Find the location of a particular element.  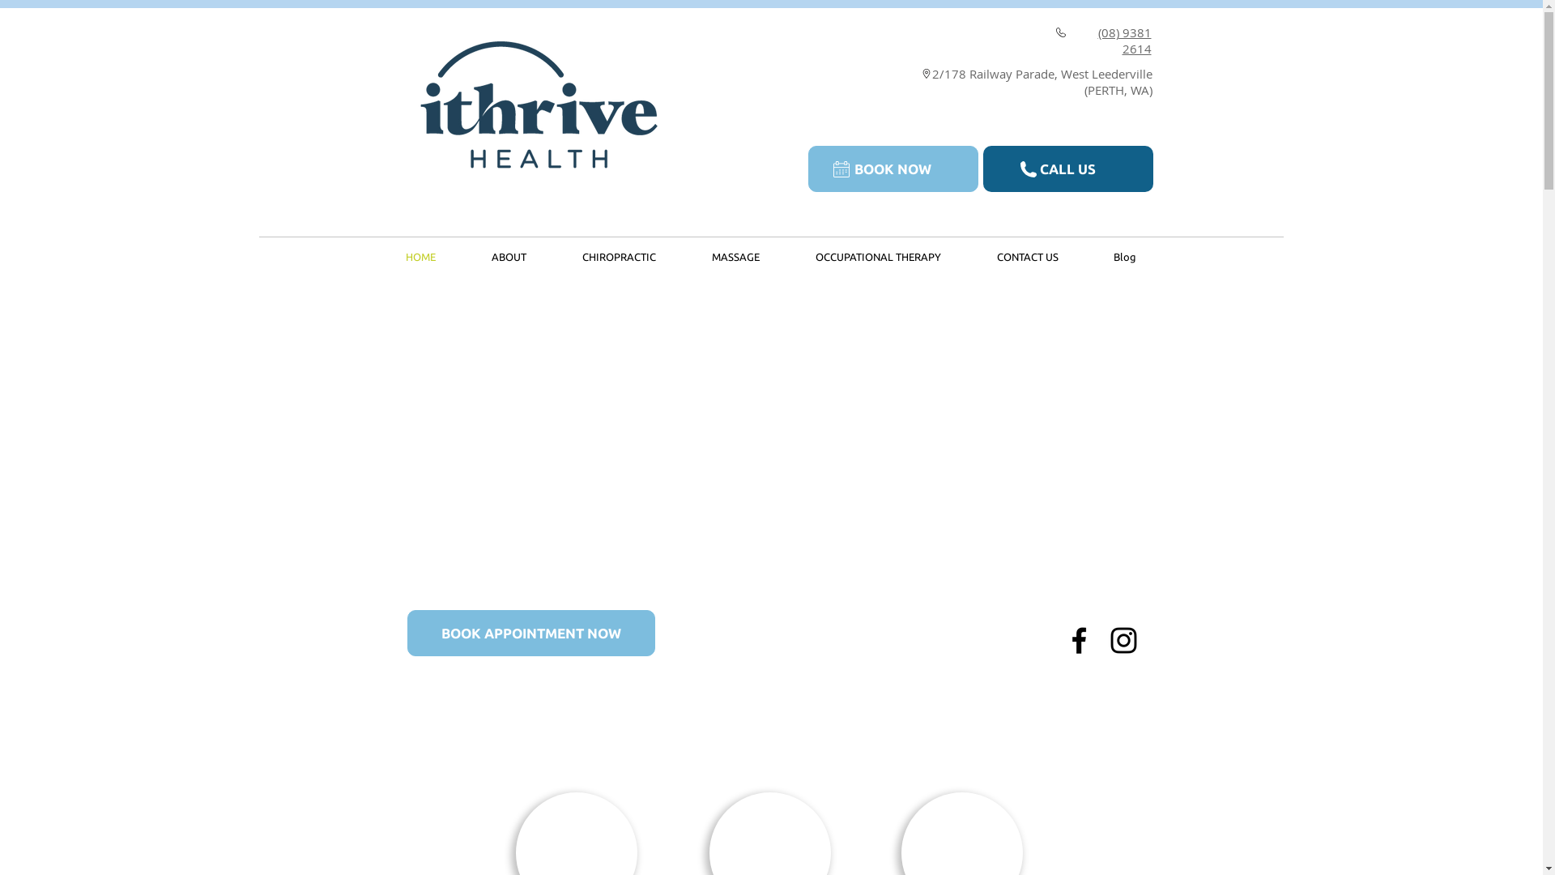

'BOOK NOW' is located at coordinates (893, 169).